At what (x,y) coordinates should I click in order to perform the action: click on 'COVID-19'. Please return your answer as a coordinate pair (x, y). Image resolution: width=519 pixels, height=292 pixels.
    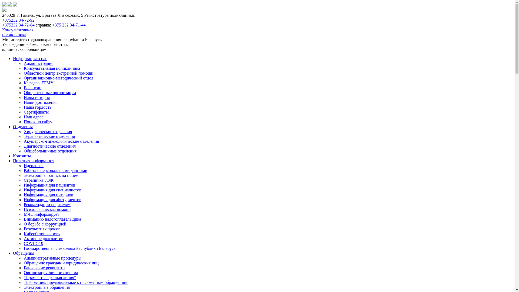
    Looking at the image, I should click on (33, 243).